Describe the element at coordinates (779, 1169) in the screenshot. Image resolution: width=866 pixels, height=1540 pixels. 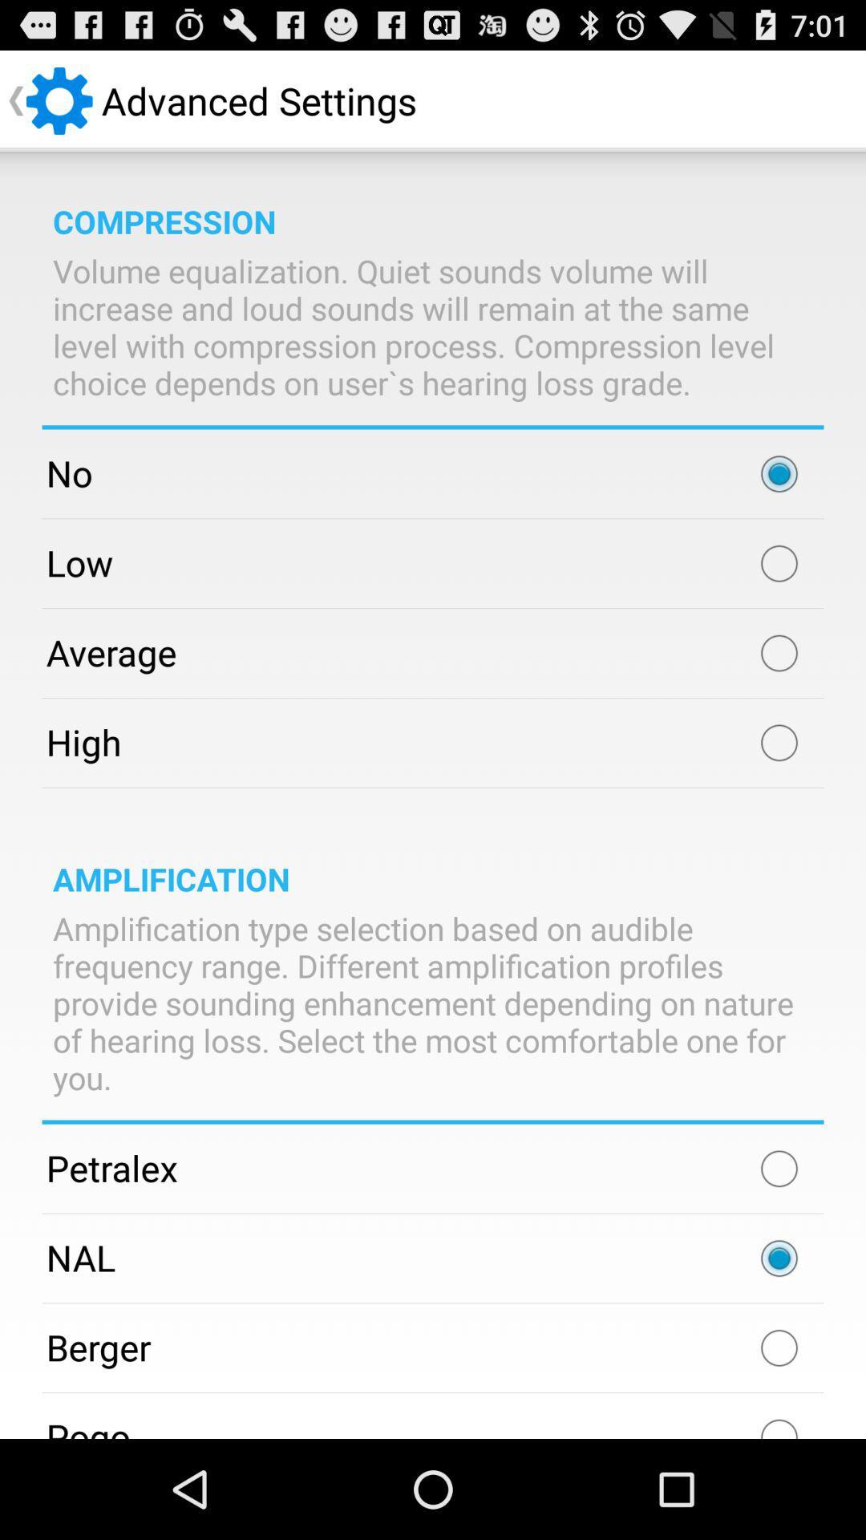
I see `the icon next to the petralex app` at that location.